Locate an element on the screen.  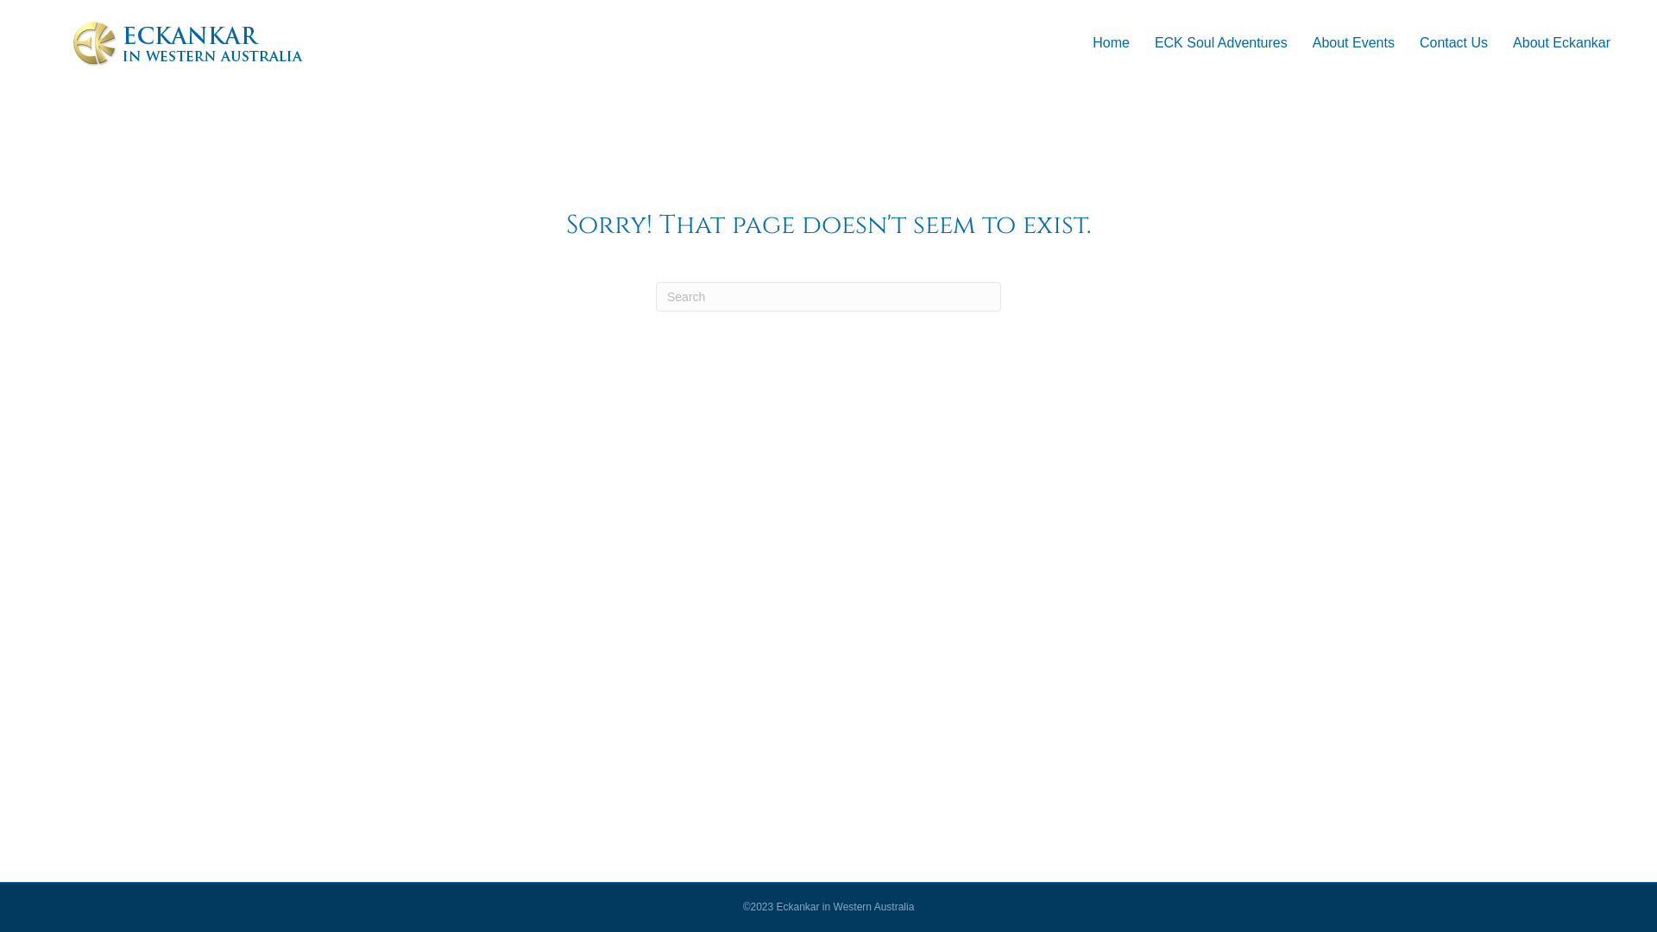
'Contact Us' is located at coordinates (1452, 41).